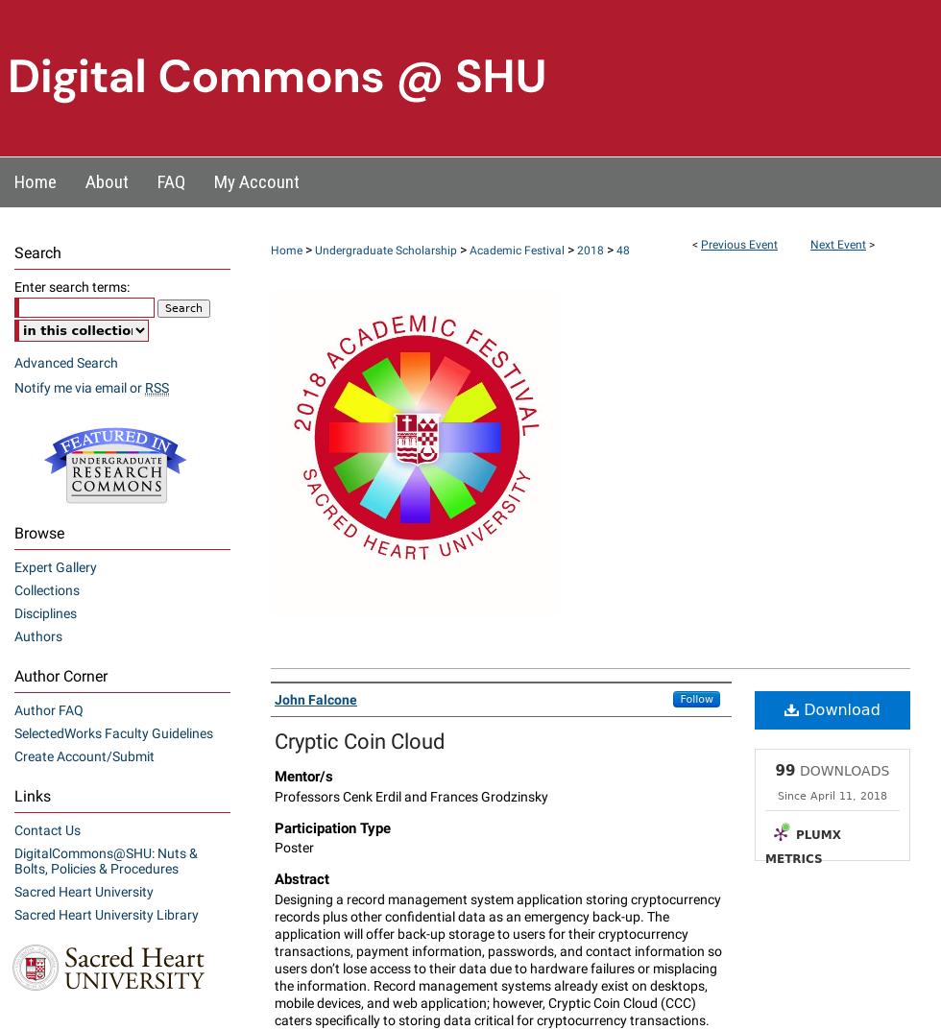  What do you see at coordinates (387, 249) in the screenshot?
I see `'Undergraduate Scholarship'` at bounding box center [387, 249].